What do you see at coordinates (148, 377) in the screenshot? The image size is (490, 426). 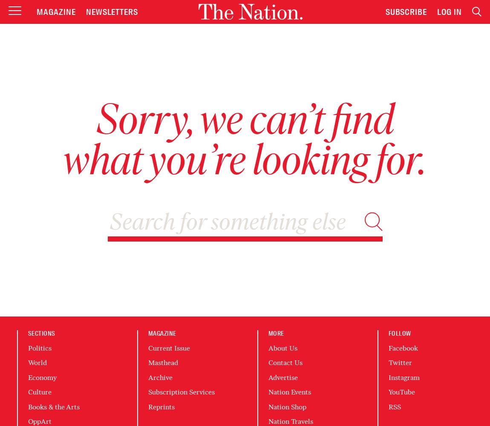 I see `'Archive'` at bounding box center [148, 377].